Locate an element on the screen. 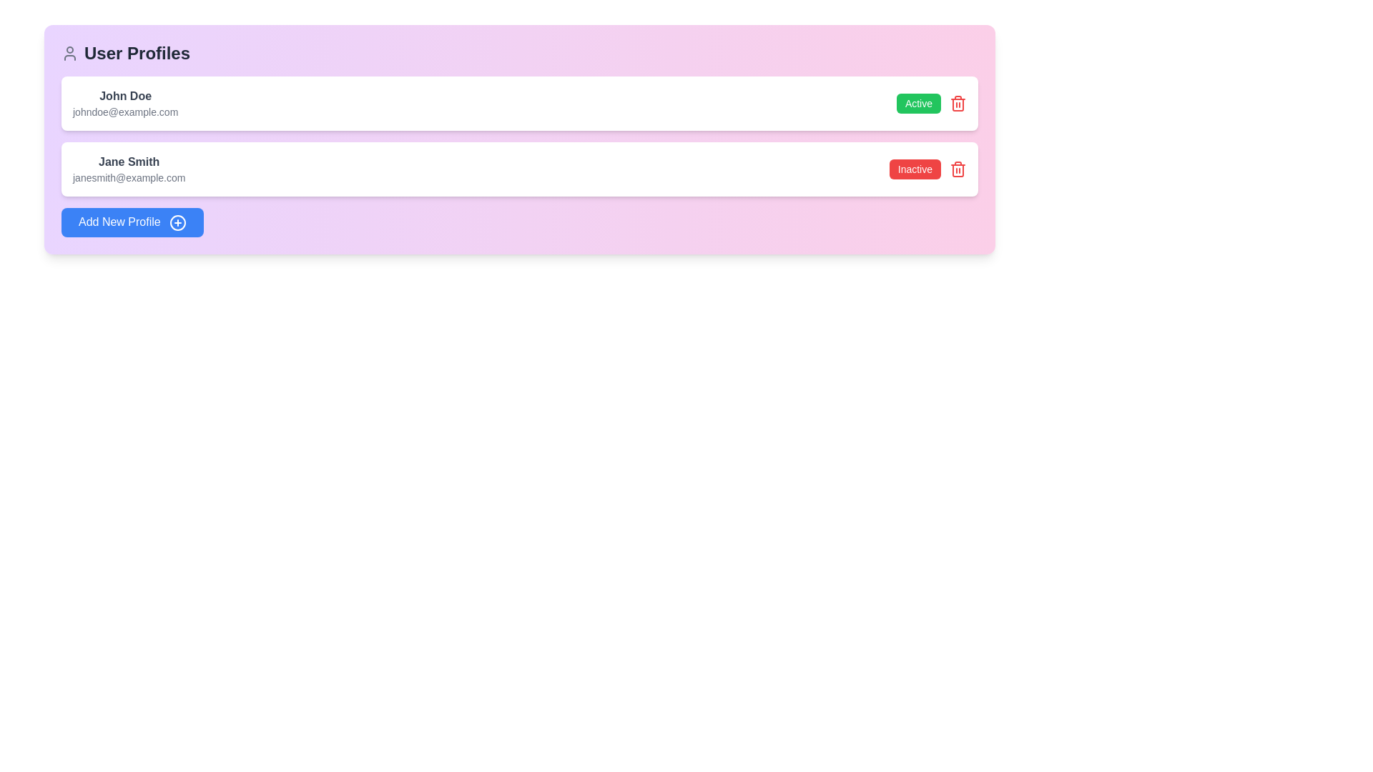  the information displayed on the second Profile Card in the list, which contains user profile details such as name, email address, and status is located at coordinates (518, 168).